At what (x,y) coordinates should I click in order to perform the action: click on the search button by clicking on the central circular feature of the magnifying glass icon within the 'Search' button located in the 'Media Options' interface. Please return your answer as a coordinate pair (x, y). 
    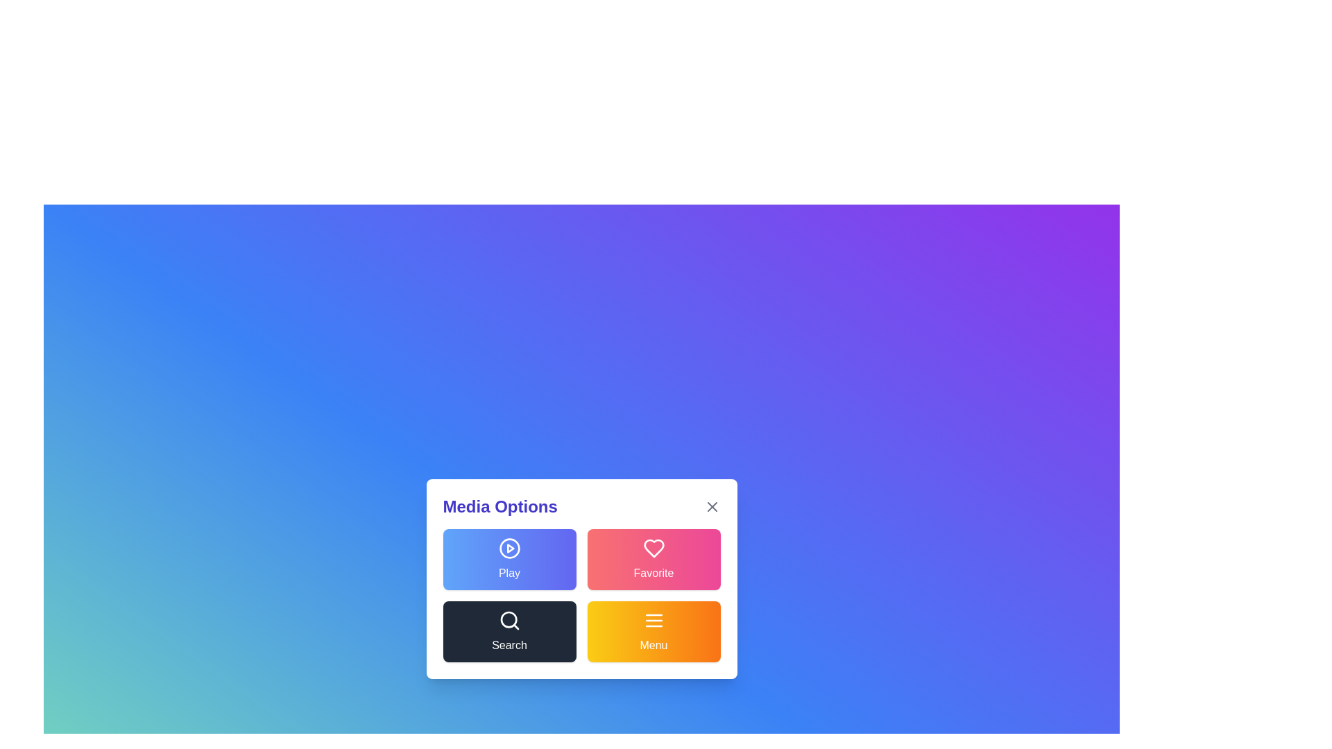
    Looking at the image, I should click on (508, 619).